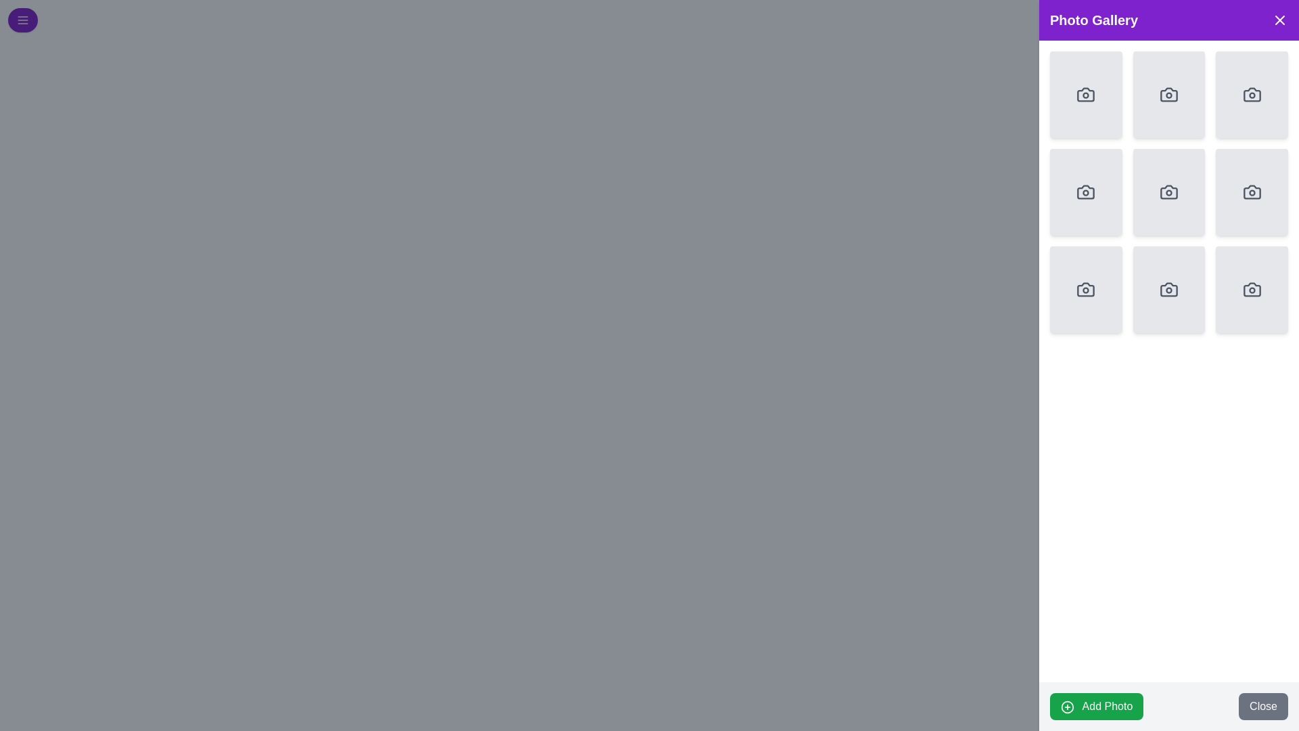 This screenshot has height=731, width=1299. I want to click on the clickable tile in the middle column of the bottom row of the photo gallery grid, which serves as a placeholder for a photo thumbnail or camera-related actions, so click(1168, 289).